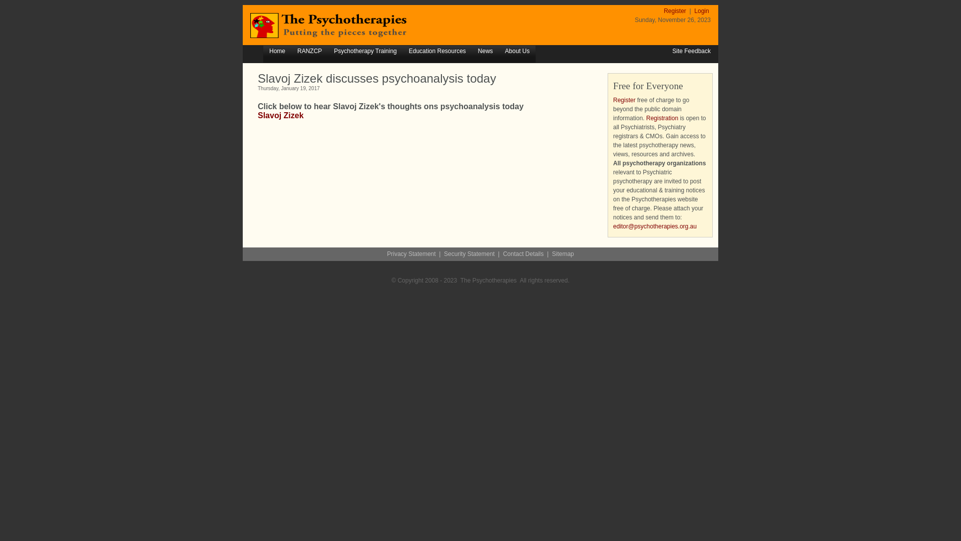 The image size is (961, 541). I want to click on 'Education Resources', so click(437, 52).